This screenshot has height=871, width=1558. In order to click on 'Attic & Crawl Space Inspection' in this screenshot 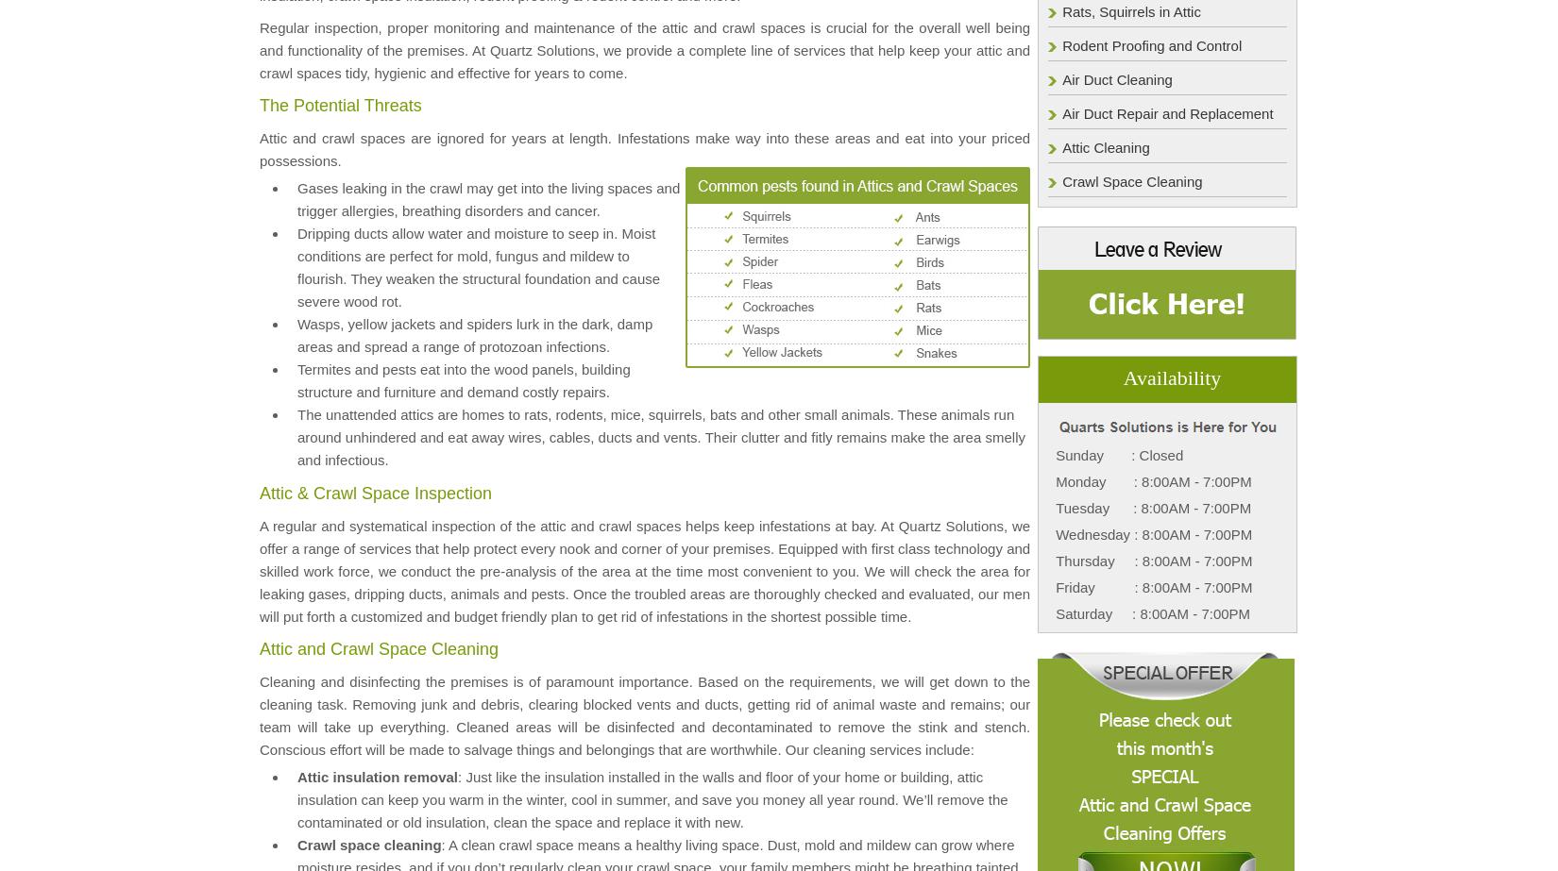, I will do `click(375, 491)`.